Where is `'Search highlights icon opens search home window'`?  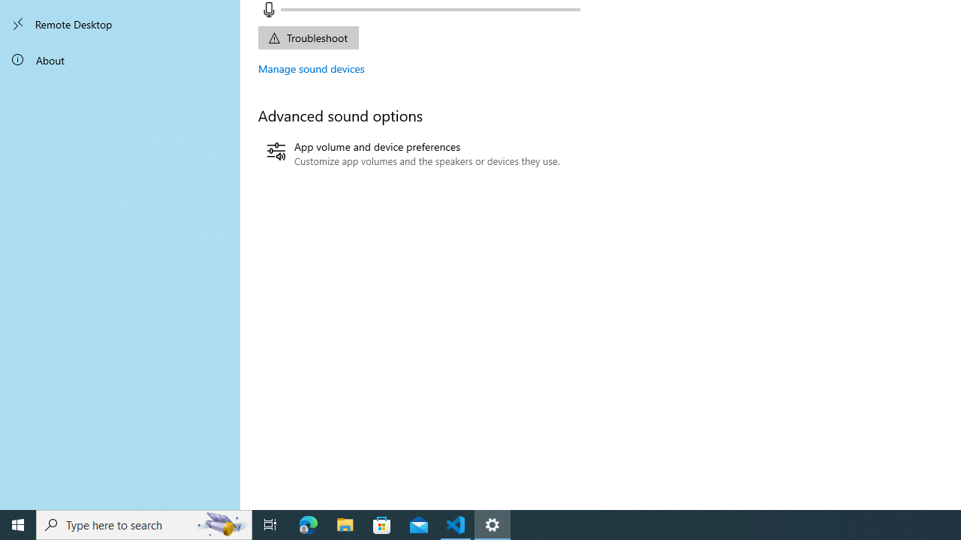
'Search highlights icon opens search home window' is located at coordinates (221, 523).